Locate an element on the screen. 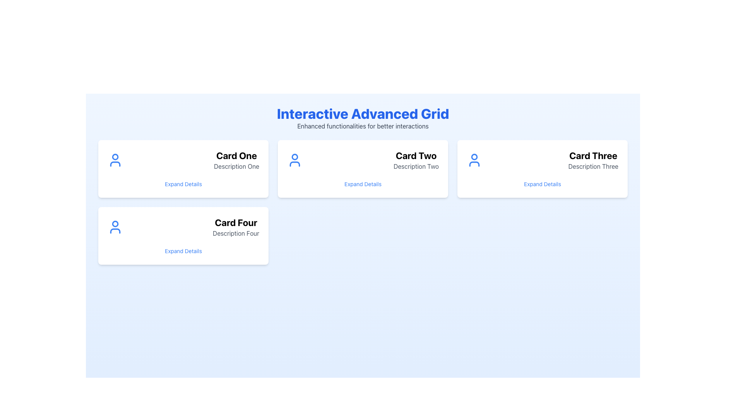  the hyperlink located at the bottom right corner of 'Card Two' is located at coordinates (362, 184).